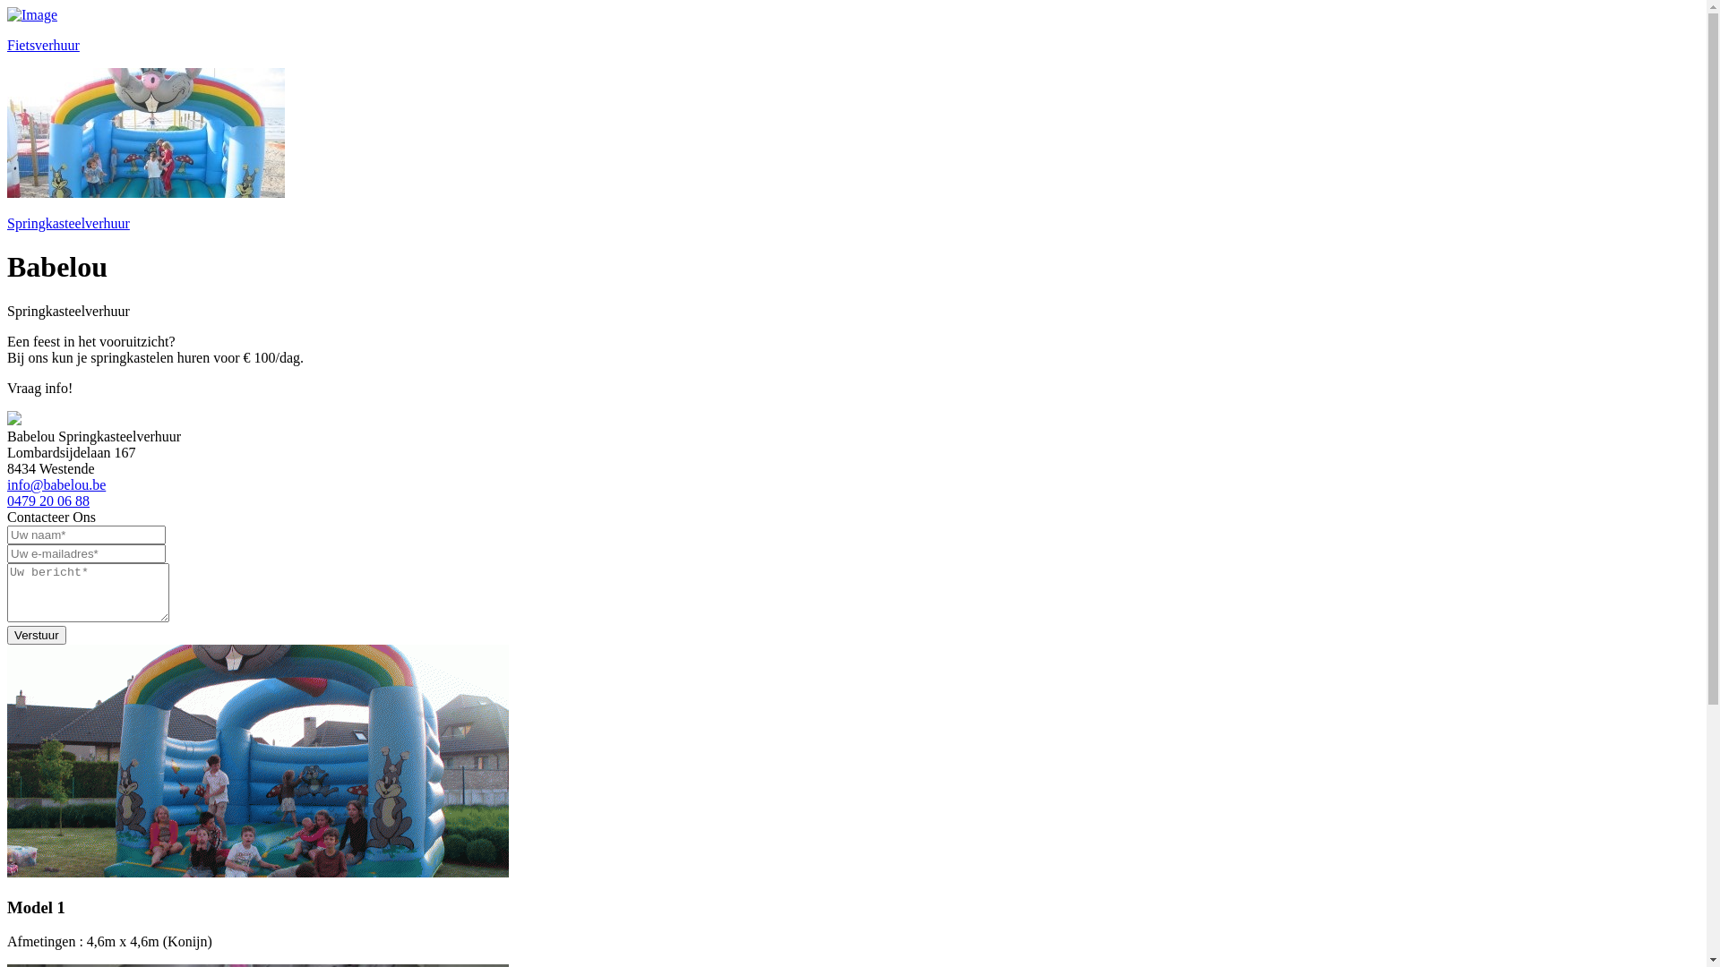 Image resolution: width=1720 pixels, height=967 pixels. I want to click on 'info@babelou.be', so click(56, 482).